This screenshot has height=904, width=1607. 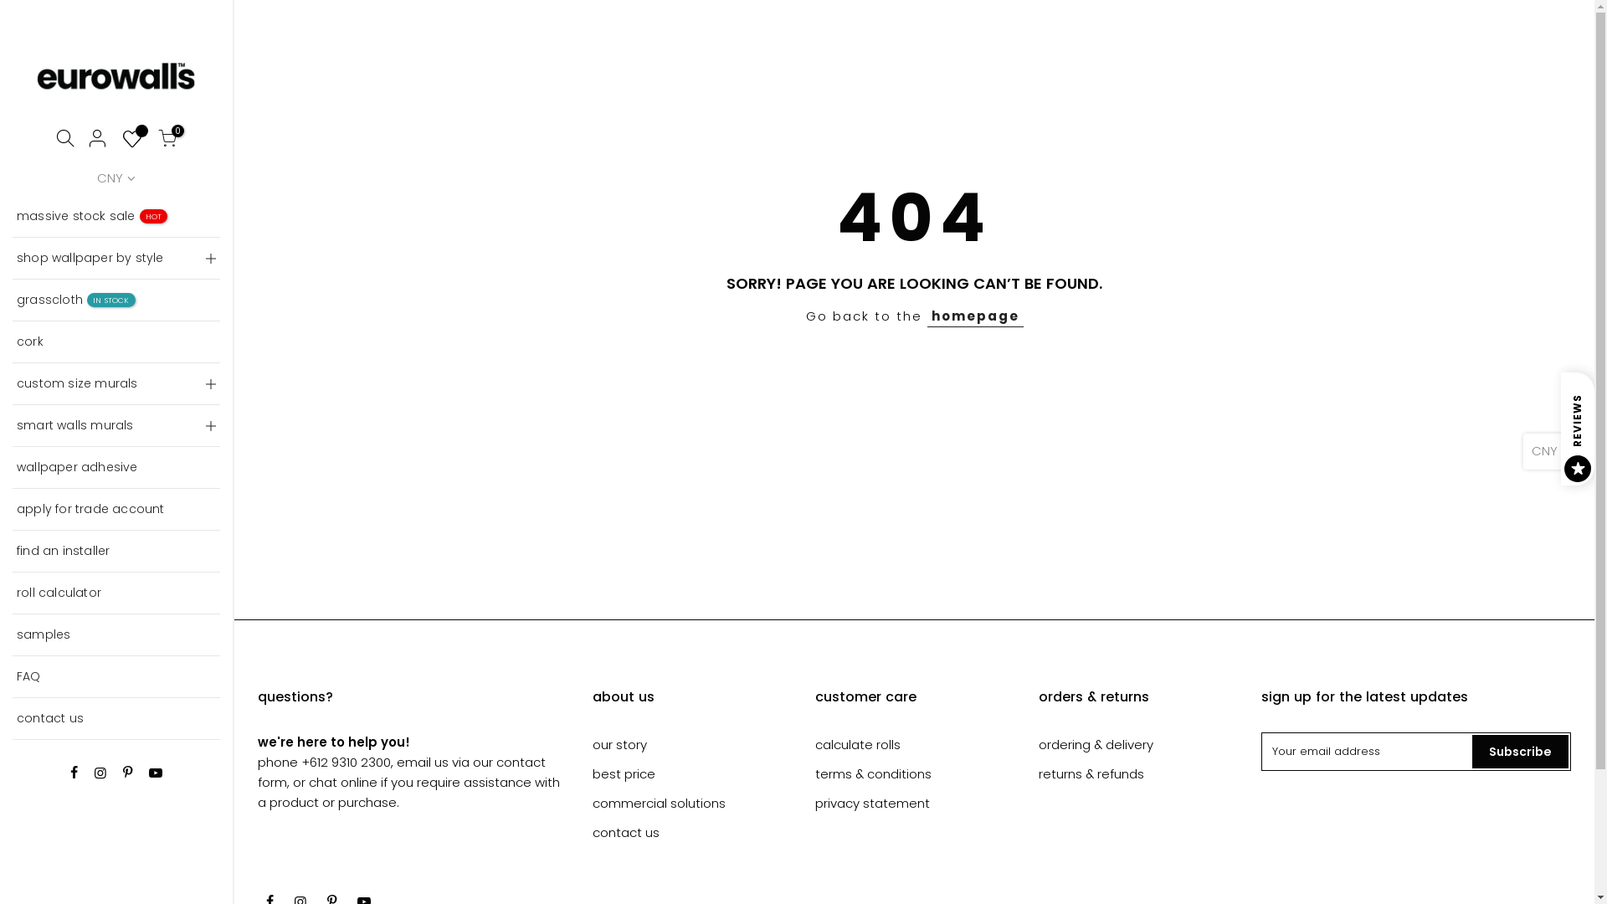 I want to click on 'FAQ', so click(x=116, y=676).